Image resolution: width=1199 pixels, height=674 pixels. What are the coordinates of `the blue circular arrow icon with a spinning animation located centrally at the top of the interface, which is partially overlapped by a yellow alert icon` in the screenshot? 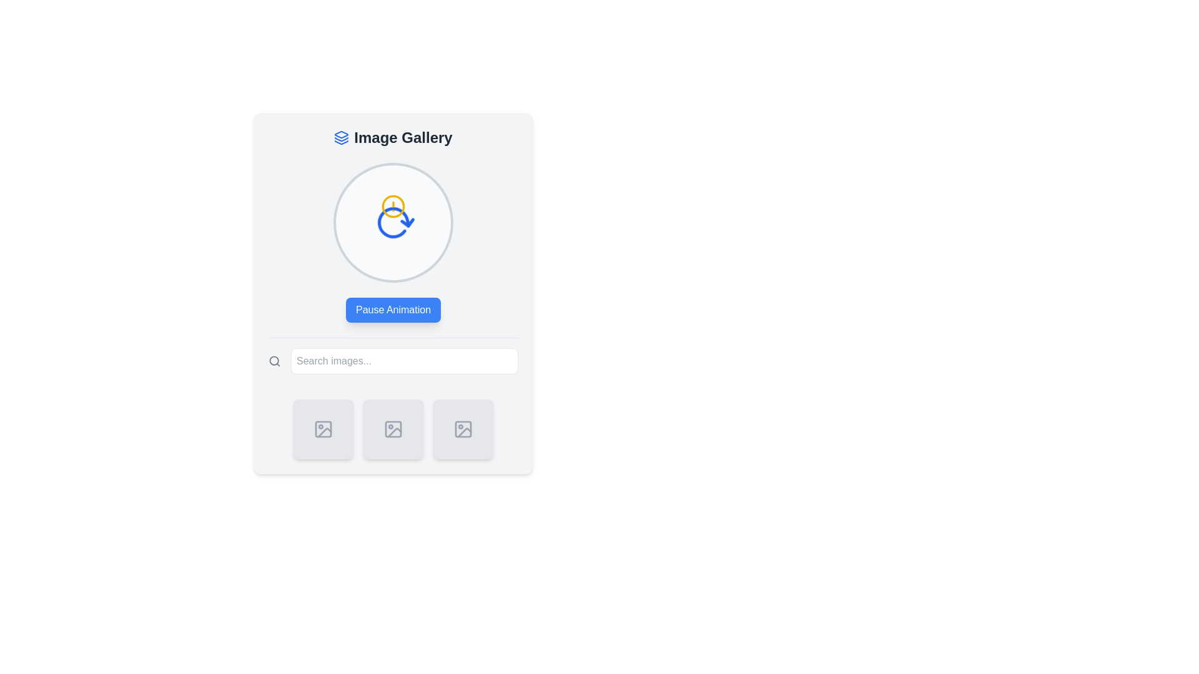 It's located at (392, 221).